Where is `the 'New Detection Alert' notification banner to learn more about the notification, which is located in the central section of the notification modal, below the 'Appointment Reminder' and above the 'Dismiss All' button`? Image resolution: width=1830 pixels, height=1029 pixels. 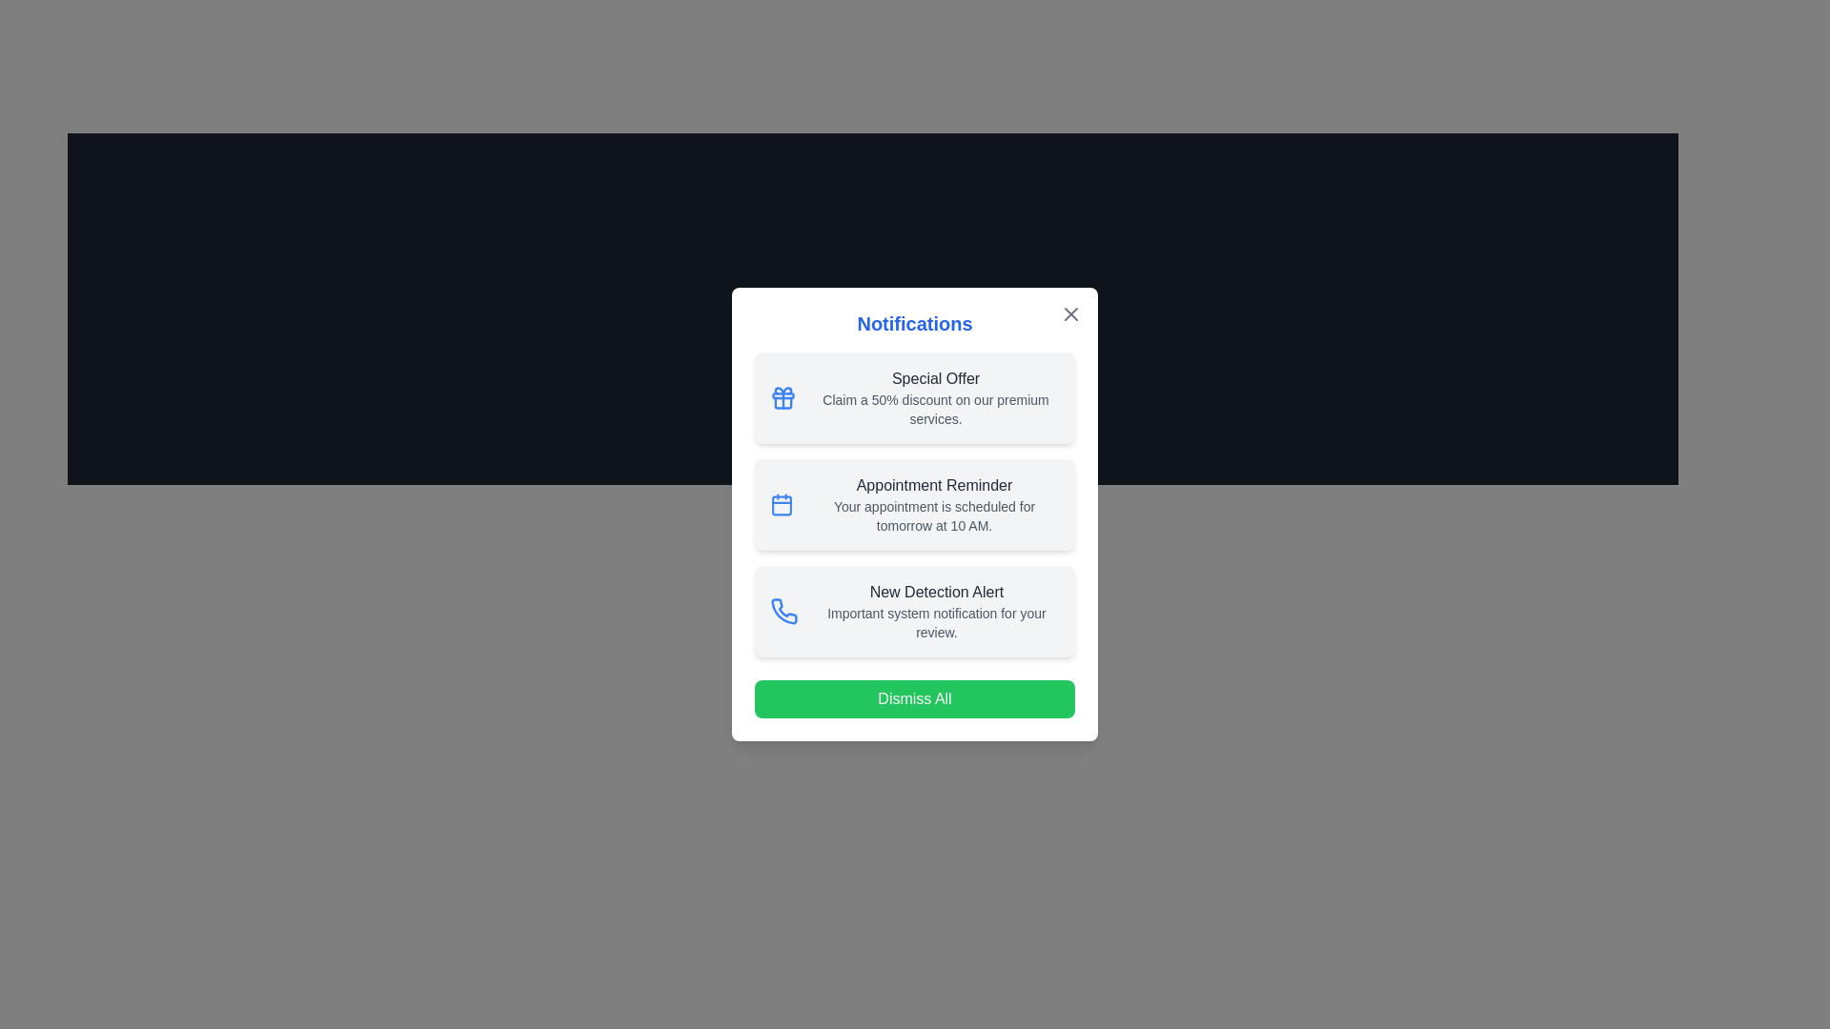 the 'New Detection Alert' notification banner to learn more about the notification, which is located in the central section of the notification modal, below the 'Appointment Reminder' and above the 'Dismiss All' button is located at coordinates (936, 611).